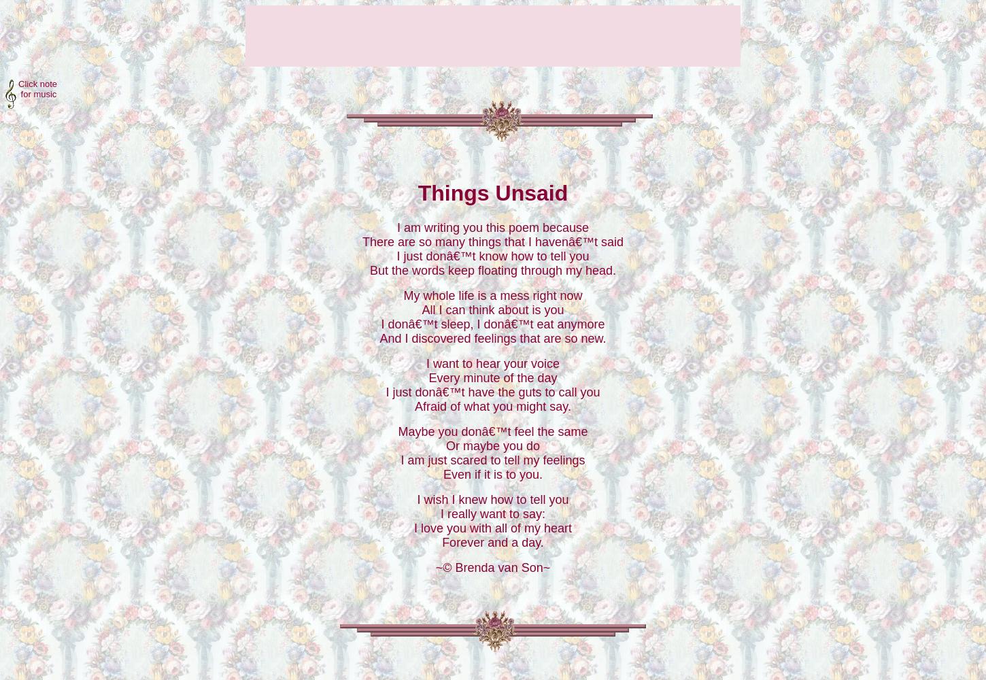 This screenshot has height=680, width=986. What do you see at coordinates (37, 94) in the screenshot?
I see `'for music'` at bounding box center [37, 94].